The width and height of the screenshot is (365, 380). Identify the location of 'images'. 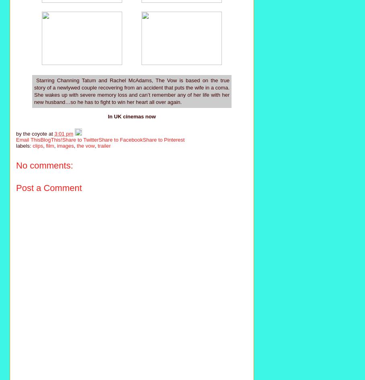
(64, 145).